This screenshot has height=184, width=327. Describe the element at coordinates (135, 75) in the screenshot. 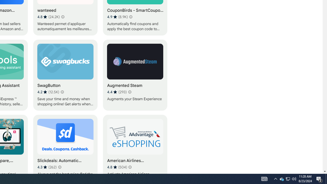

I see `'Augmented Steam'` at that location.